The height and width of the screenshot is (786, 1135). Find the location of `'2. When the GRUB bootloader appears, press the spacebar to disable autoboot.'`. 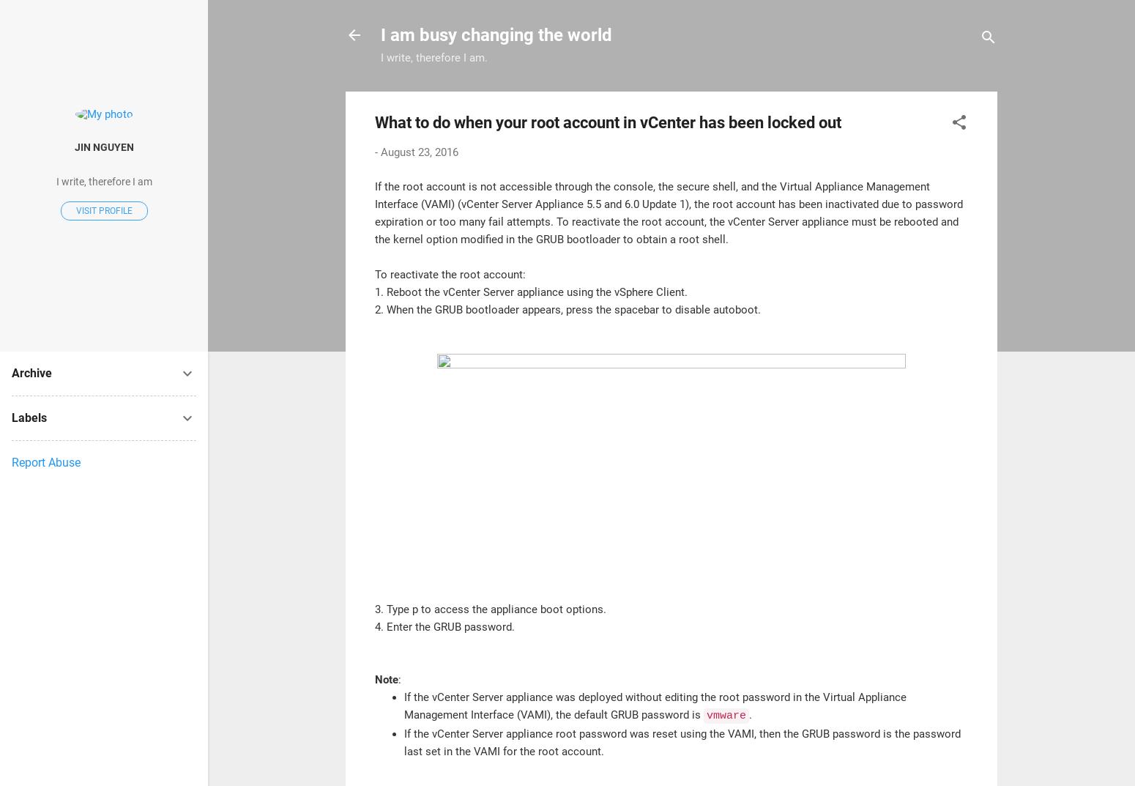

'2. When the GRUB bootloader appears, press the spacebar to disable autoboot.' is located at coordinates (567, 309).